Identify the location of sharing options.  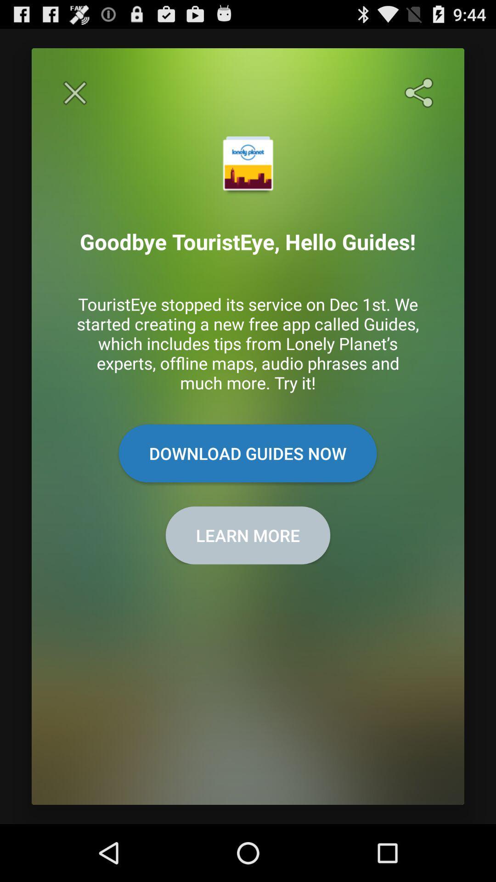
(421, 93).